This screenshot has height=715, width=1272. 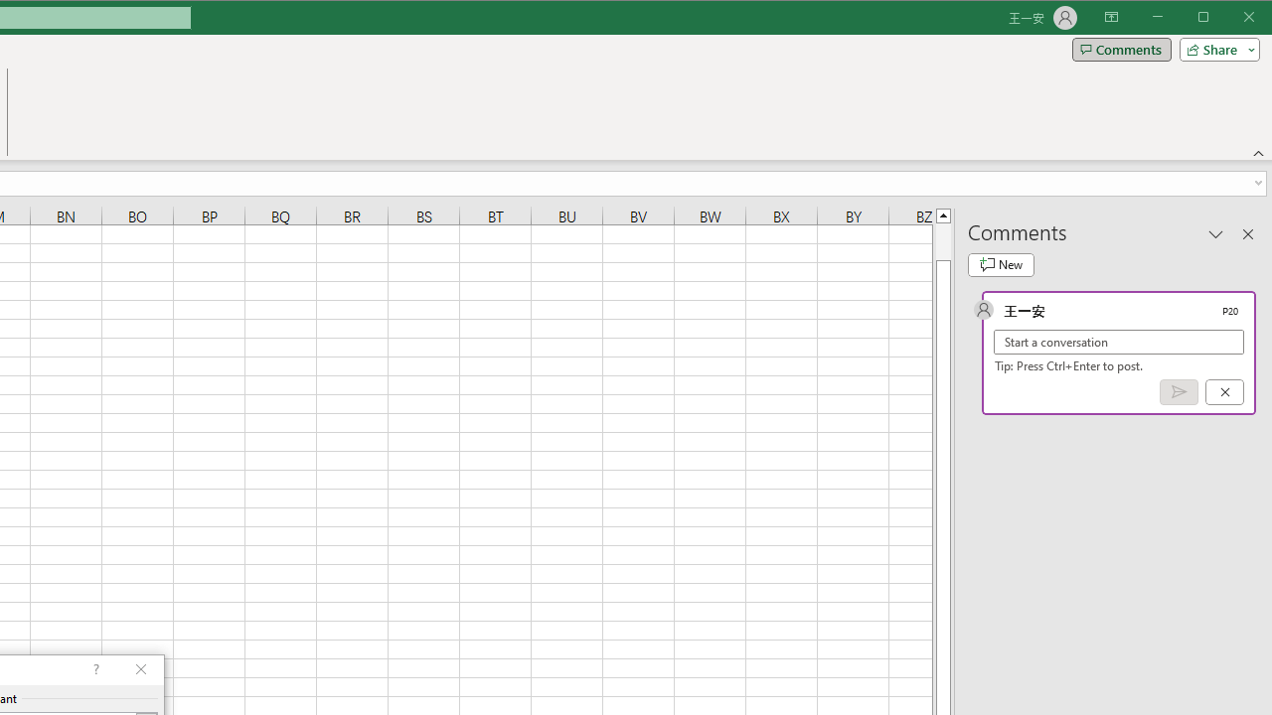 I want to click on 'Post comment (Ctrl + Enter)', so click(x=1179, y=392).